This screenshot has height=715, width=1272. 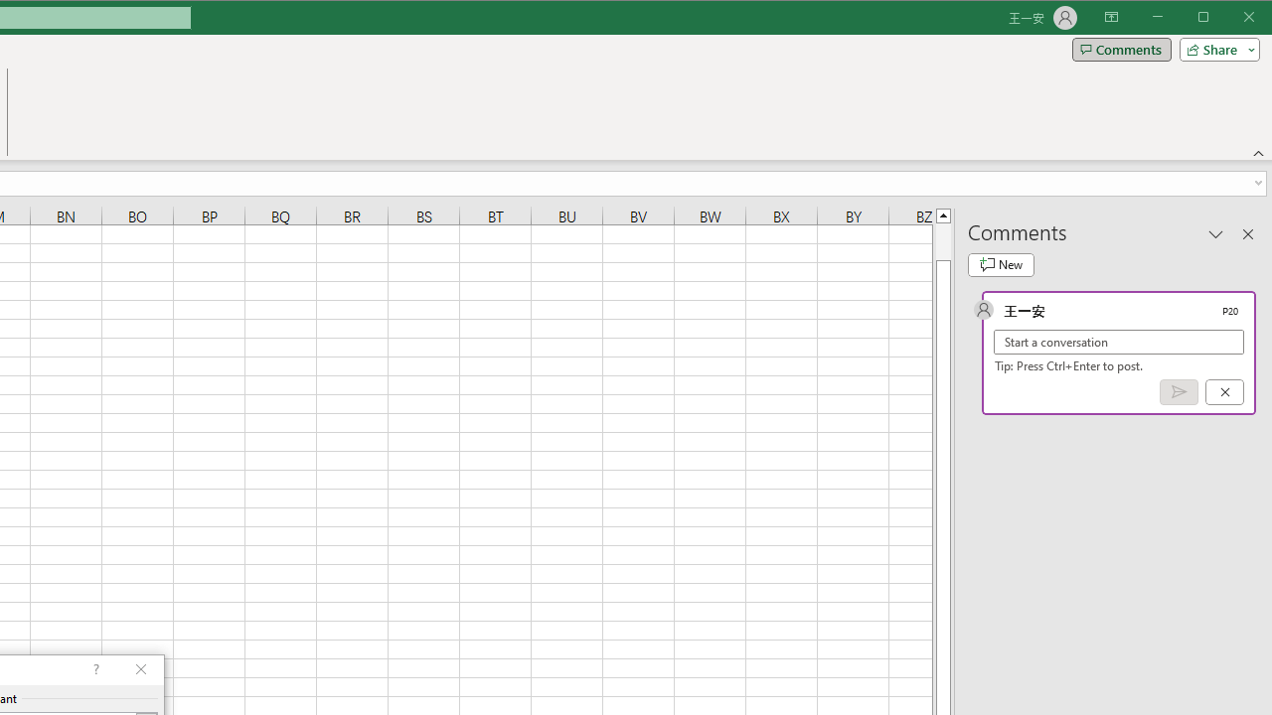 I want to click on 'Post comment (Ctrl + Enter)', so click(x=1179, y=392).